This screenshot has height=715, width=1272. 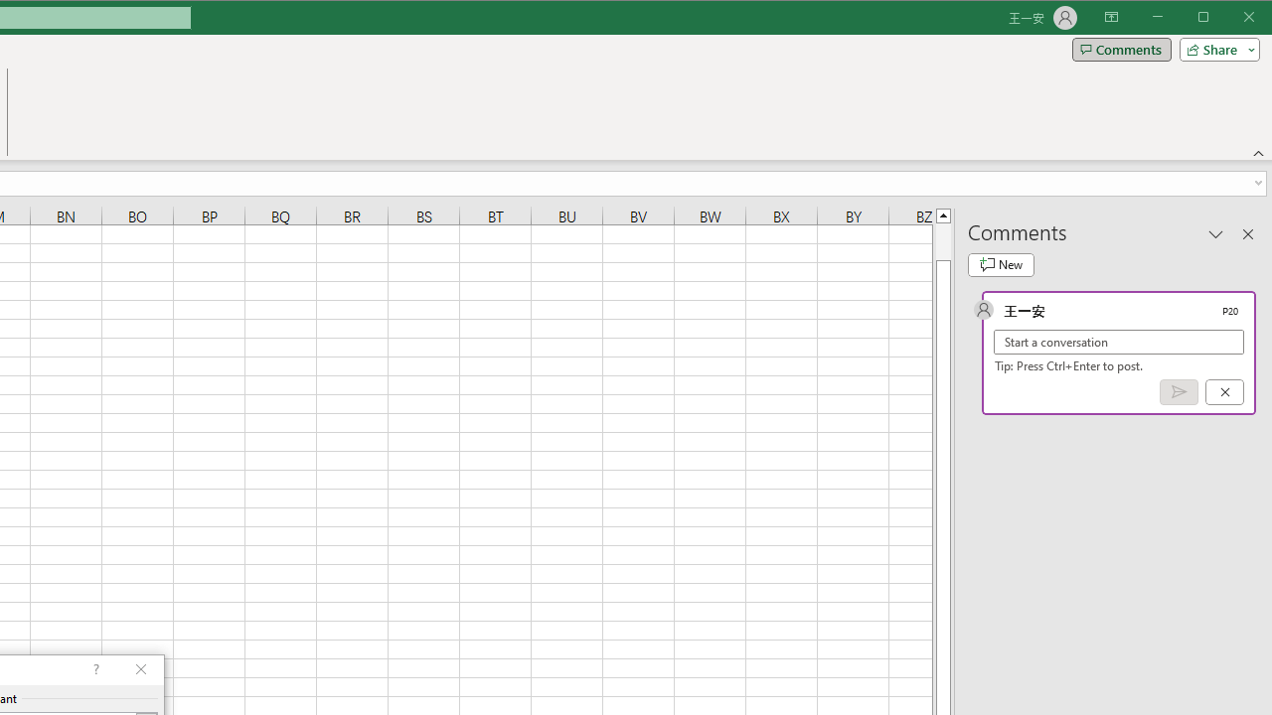 I want to click on 'Post comment (Ctrl + Enter)', so click(x=1179, y=392).